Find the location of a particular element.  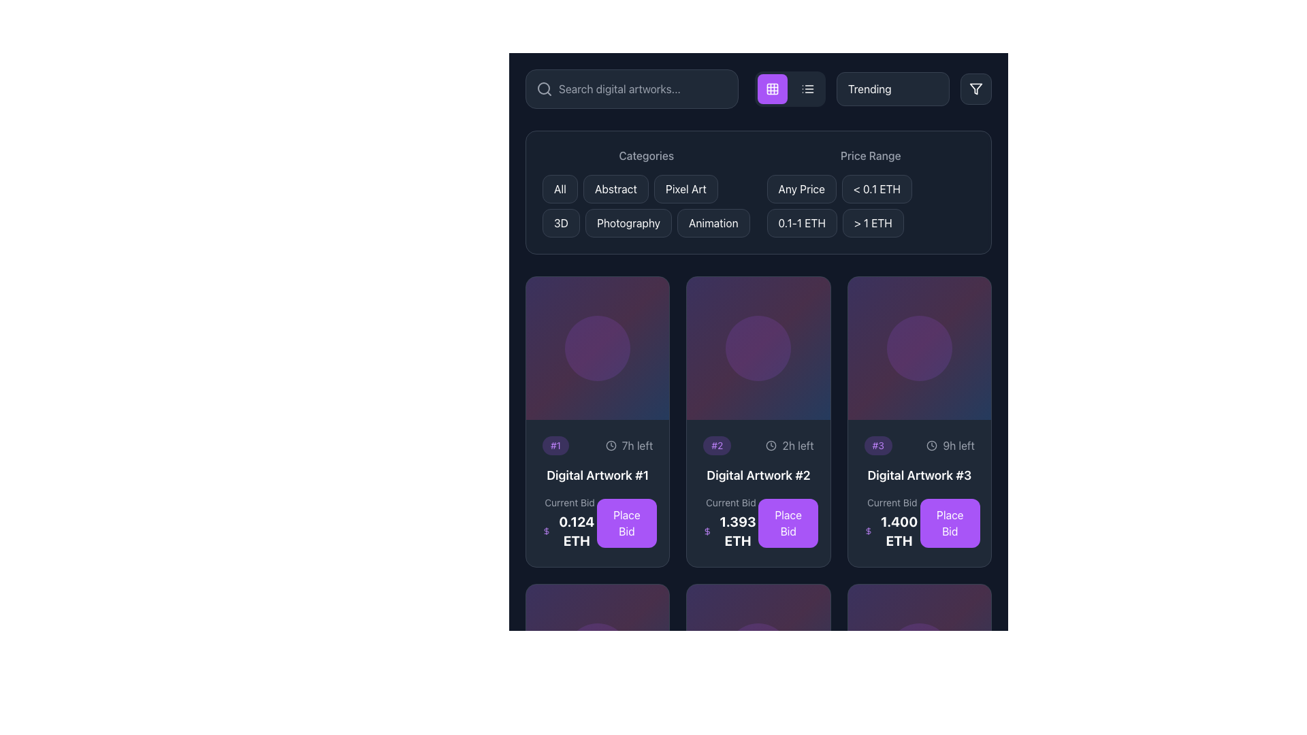

the 'Categories' text label, which is styled with a medium font weight and gray color, located at the top of its section above the category buttons is located at coordinates (645, 154).